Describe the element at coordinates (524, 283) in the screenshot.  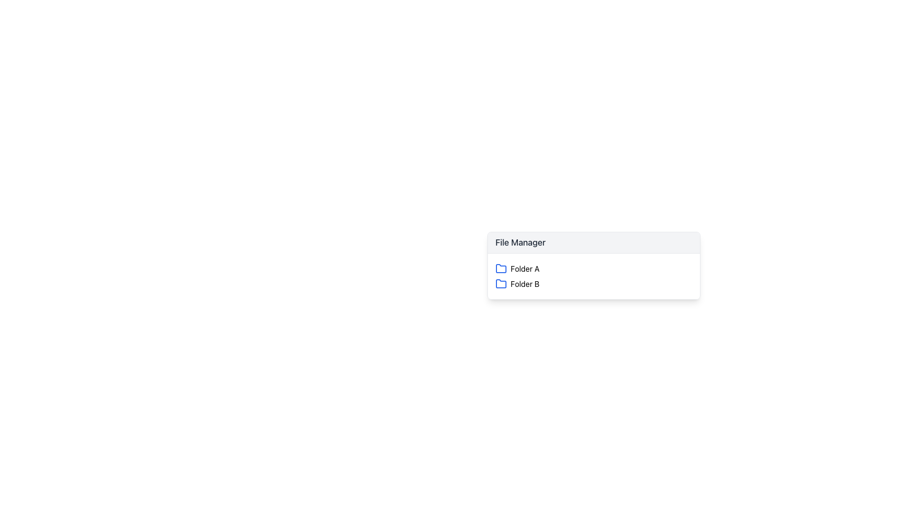
I see `the text label 'Folder B' which is the second item` at that location.